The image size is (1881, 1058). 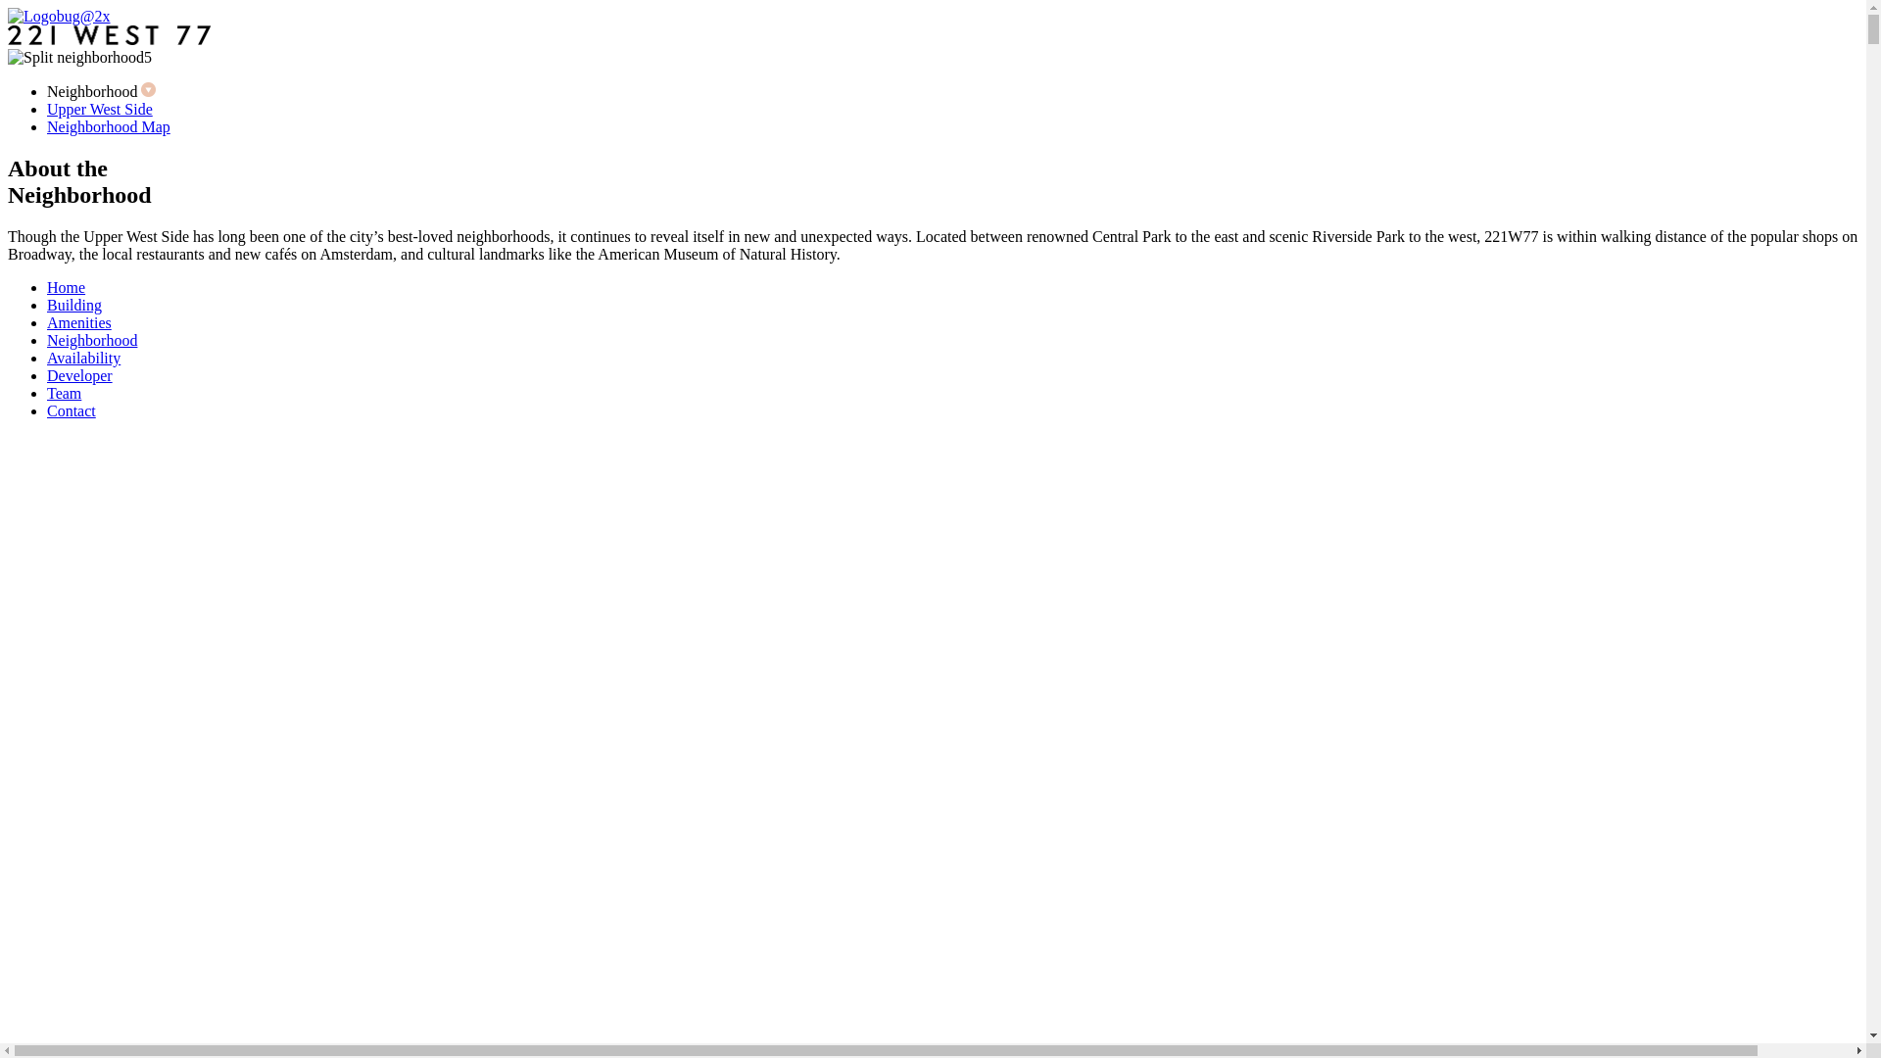 What do you see at coordinates (47, 305) in the screenshot?
I see `'Building'` at bounding box center [47, 305].